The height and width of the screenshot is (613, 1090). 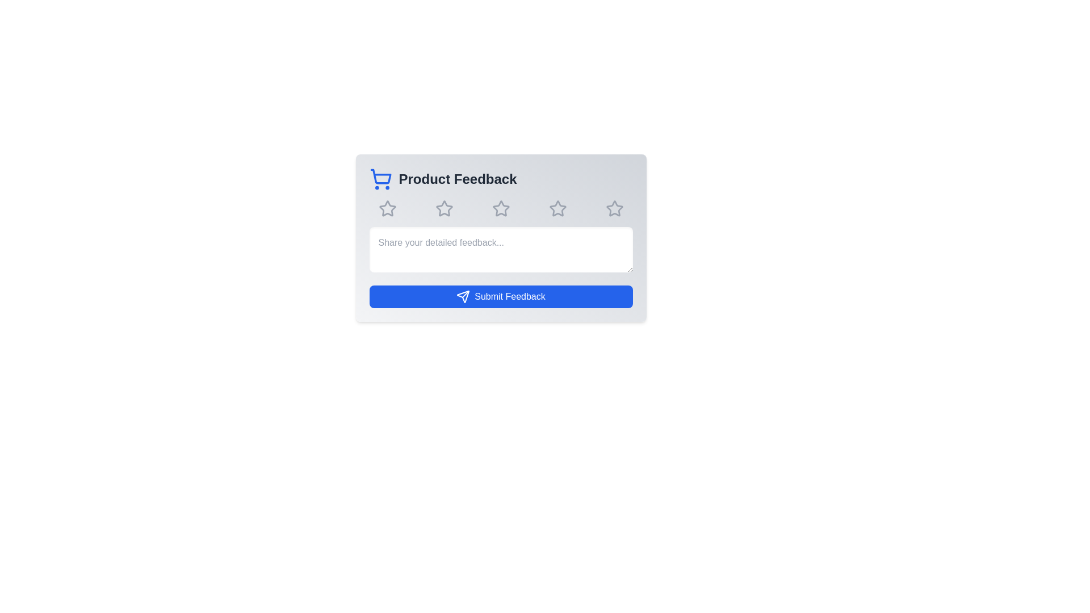 What do you see at coordinates (500, 208) in the screenshot?
I see `the third star icon in the user rating interface` at bounding box center [500, 208].